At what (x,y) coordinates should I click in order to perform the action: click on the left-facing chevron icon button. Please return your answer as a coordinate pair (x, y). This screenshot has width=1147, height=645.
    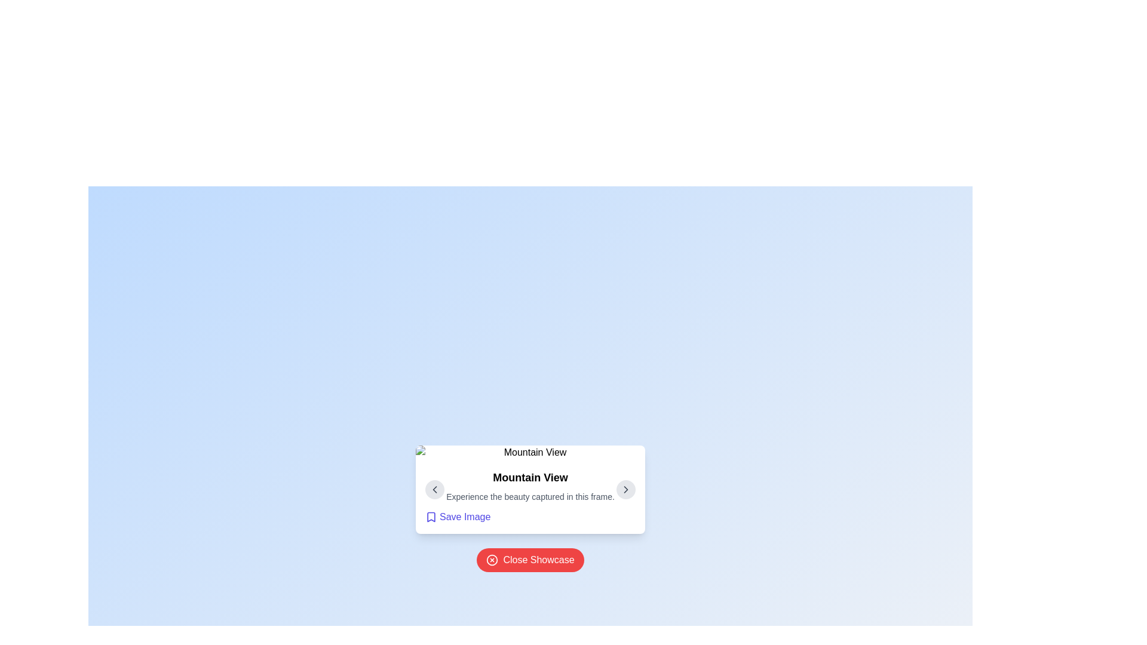
    Looking at the image, I should click on (434, 490).